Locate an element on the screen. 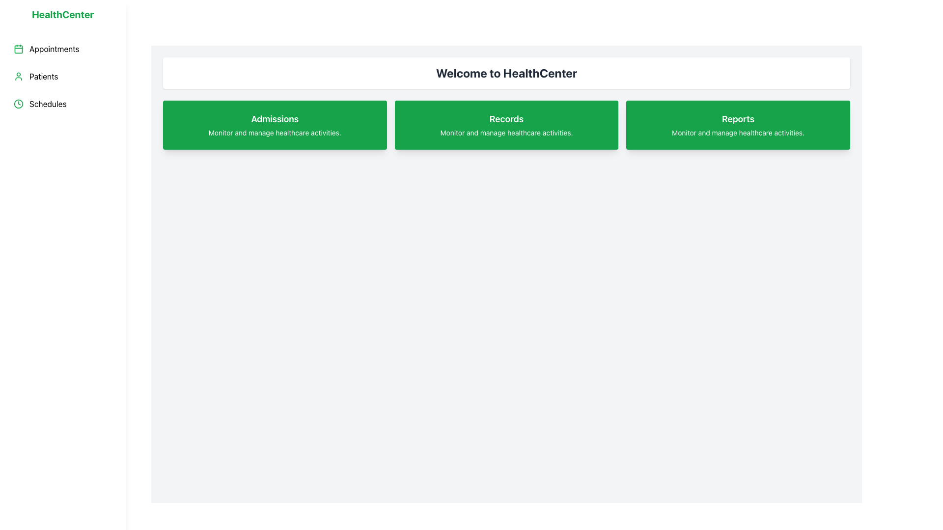 The image size is (943, 530). the second button in the sidebar navigation panel is located at coordinates (62, 76).